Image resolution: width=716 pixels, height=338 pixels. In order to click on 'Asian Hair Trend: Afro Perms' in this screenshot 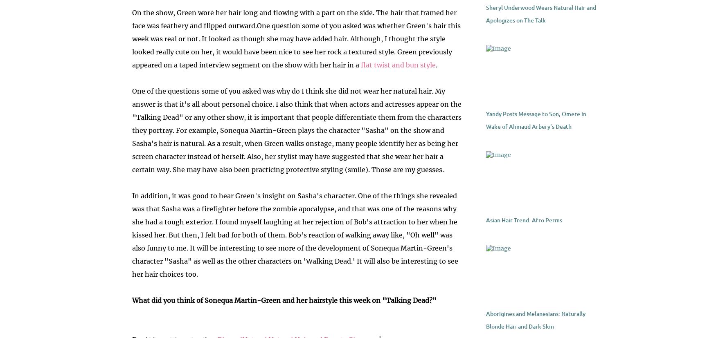, I will do `click(523, 220)`.